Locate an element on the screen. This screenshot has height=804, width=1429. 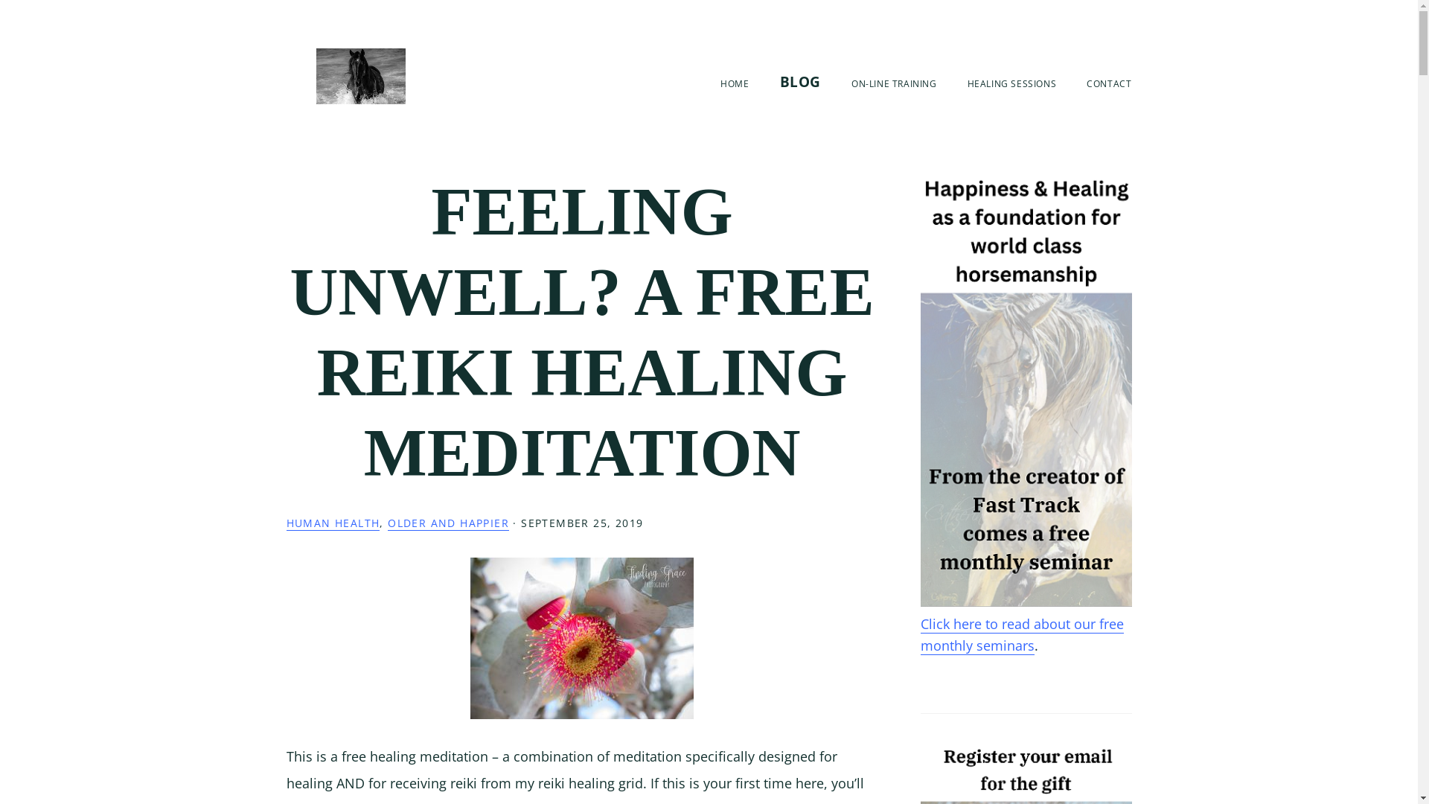
'OLDER AND HAPPIER' is located at coordinates (447, 522).